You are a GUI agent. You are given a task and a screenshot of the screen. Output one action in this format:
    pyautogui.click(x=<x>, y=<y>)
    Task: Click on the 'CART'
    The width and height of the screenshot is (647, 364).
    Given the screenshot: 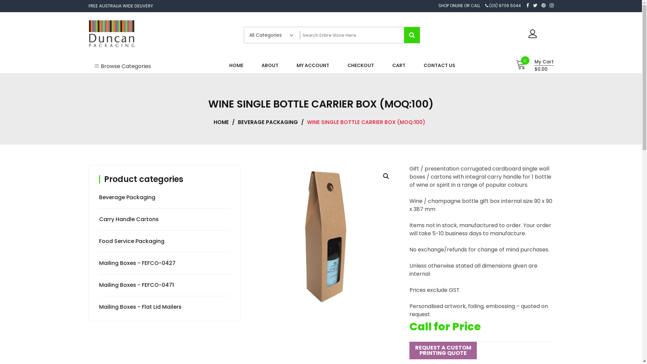 What is the action you would take?
    pyautogui.click(x=387, y=65)
    